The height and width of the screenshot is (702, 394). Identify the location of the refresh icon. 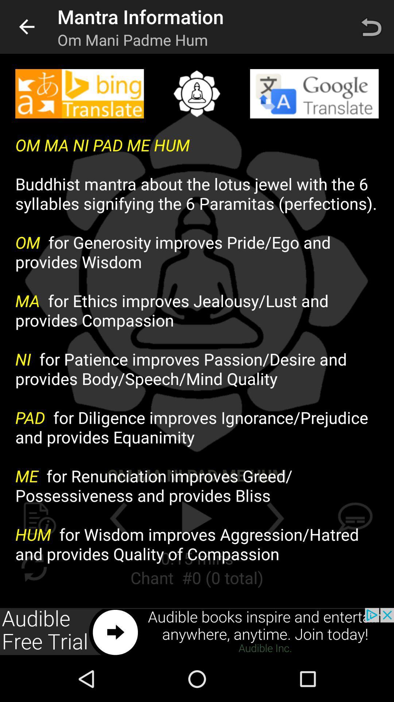
(34, 567).